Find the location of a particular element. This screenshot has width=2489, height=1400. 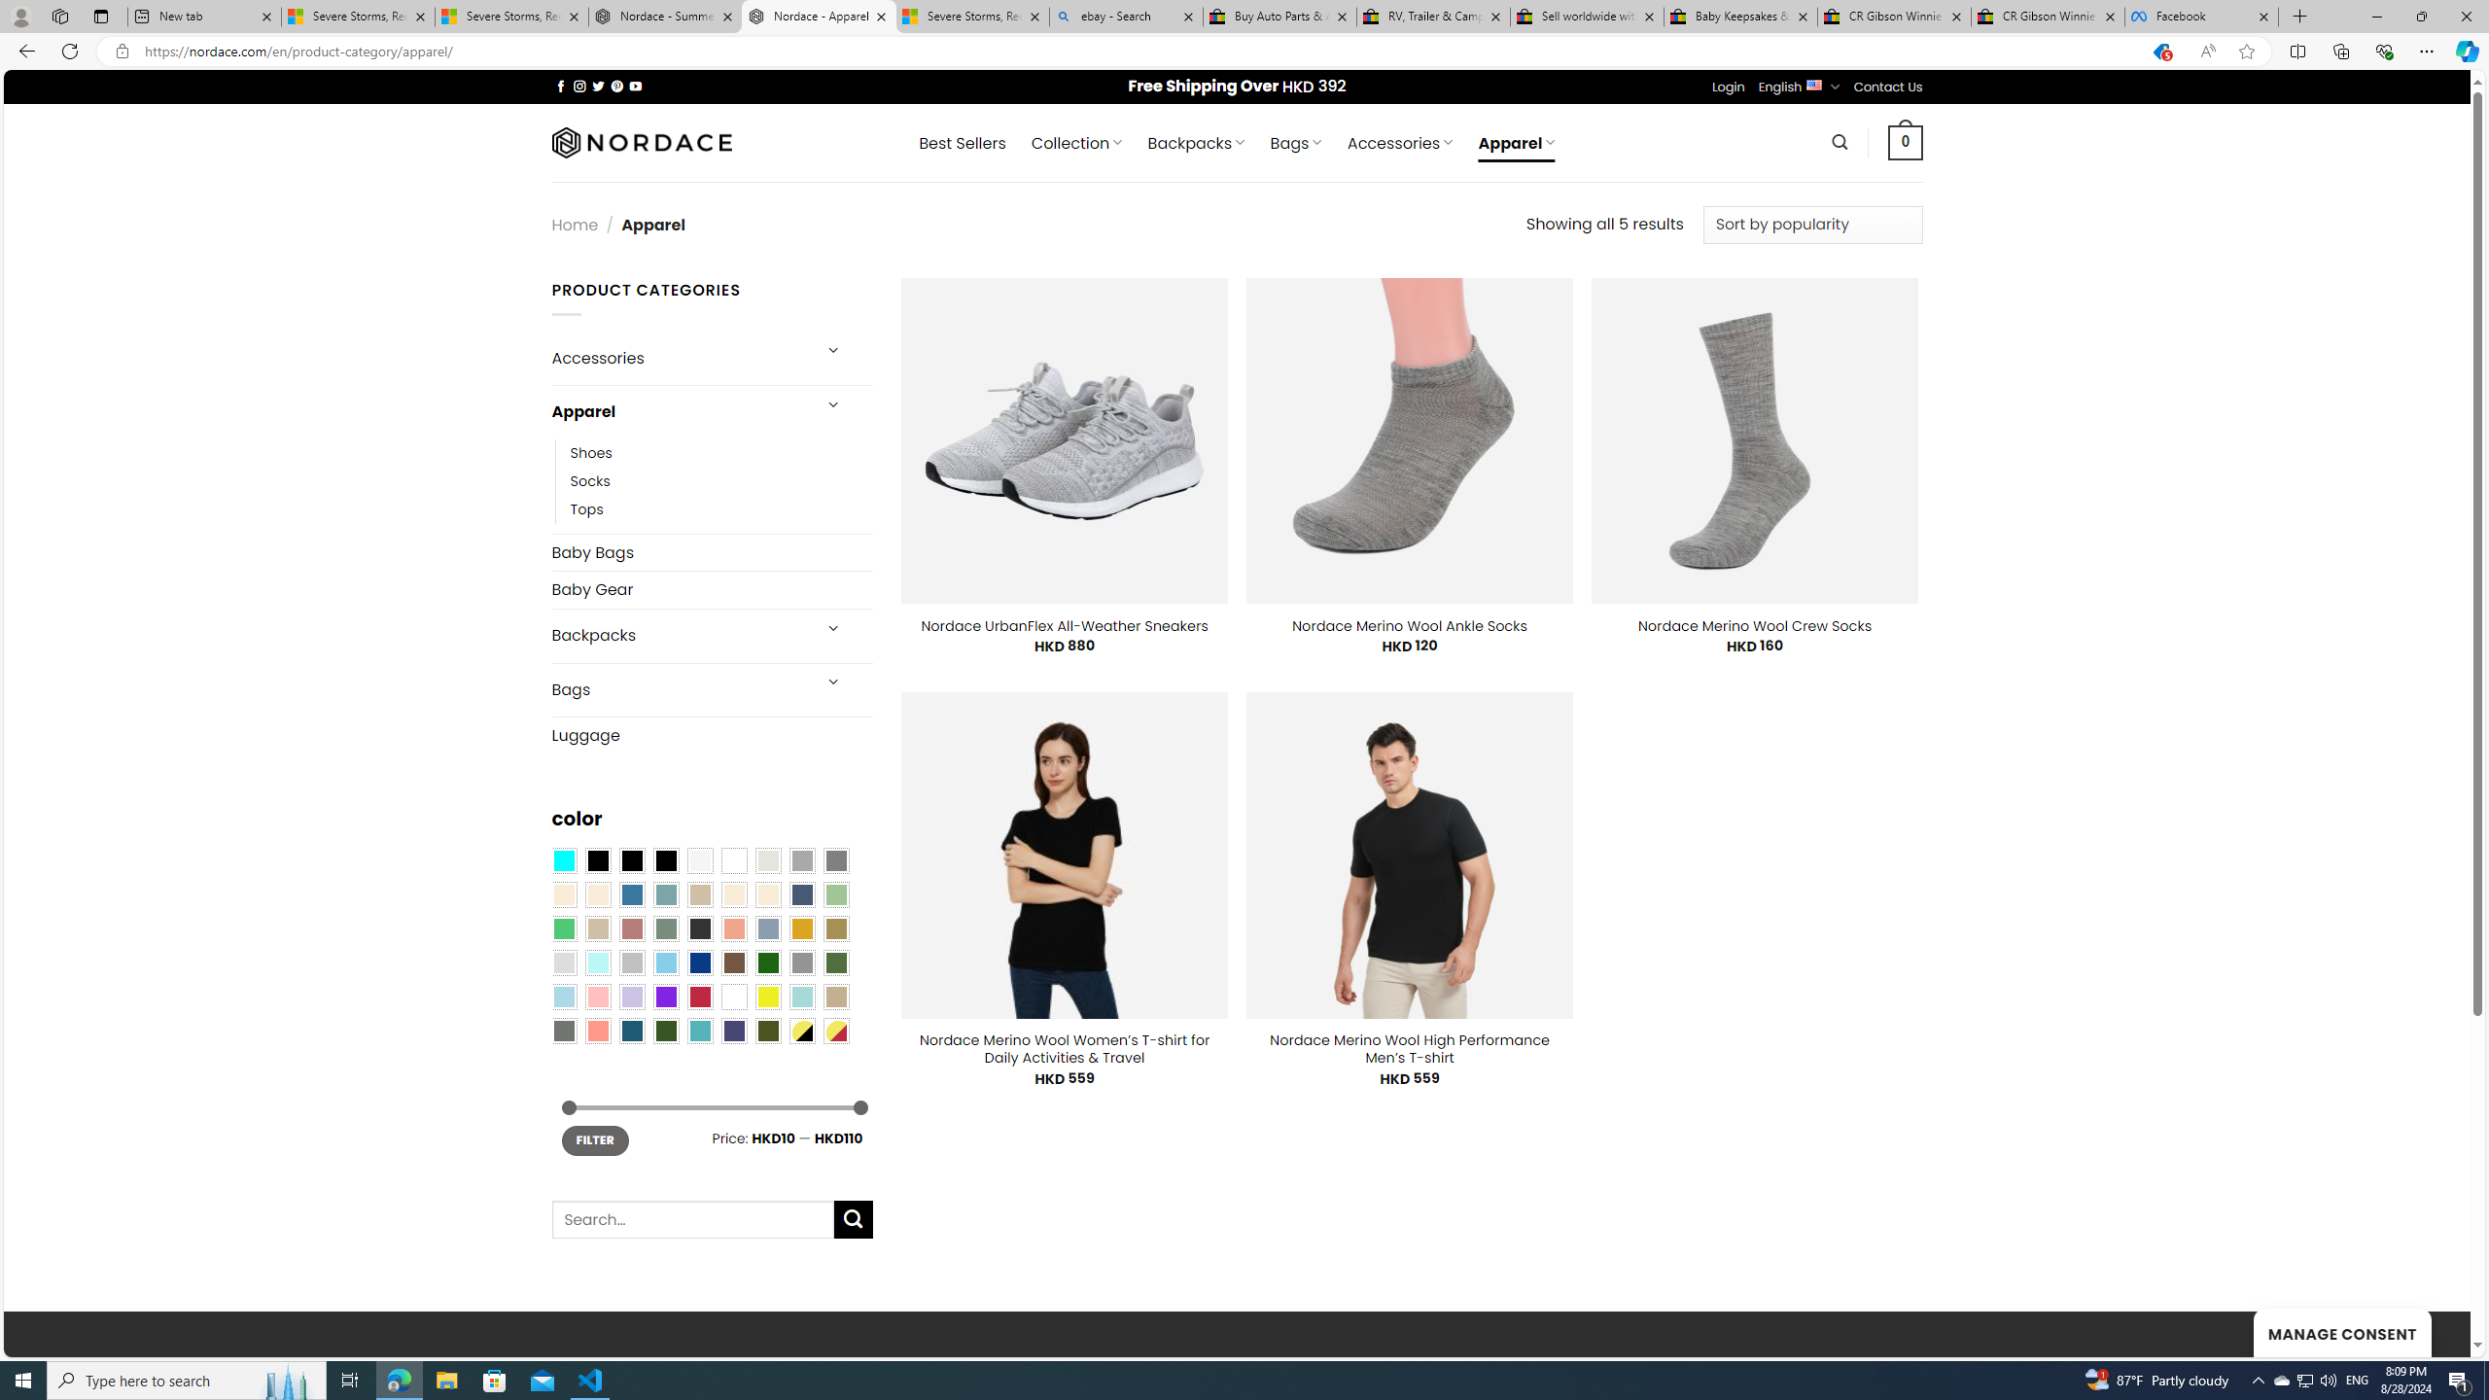

'Black' is located at coordinates (631, 859).